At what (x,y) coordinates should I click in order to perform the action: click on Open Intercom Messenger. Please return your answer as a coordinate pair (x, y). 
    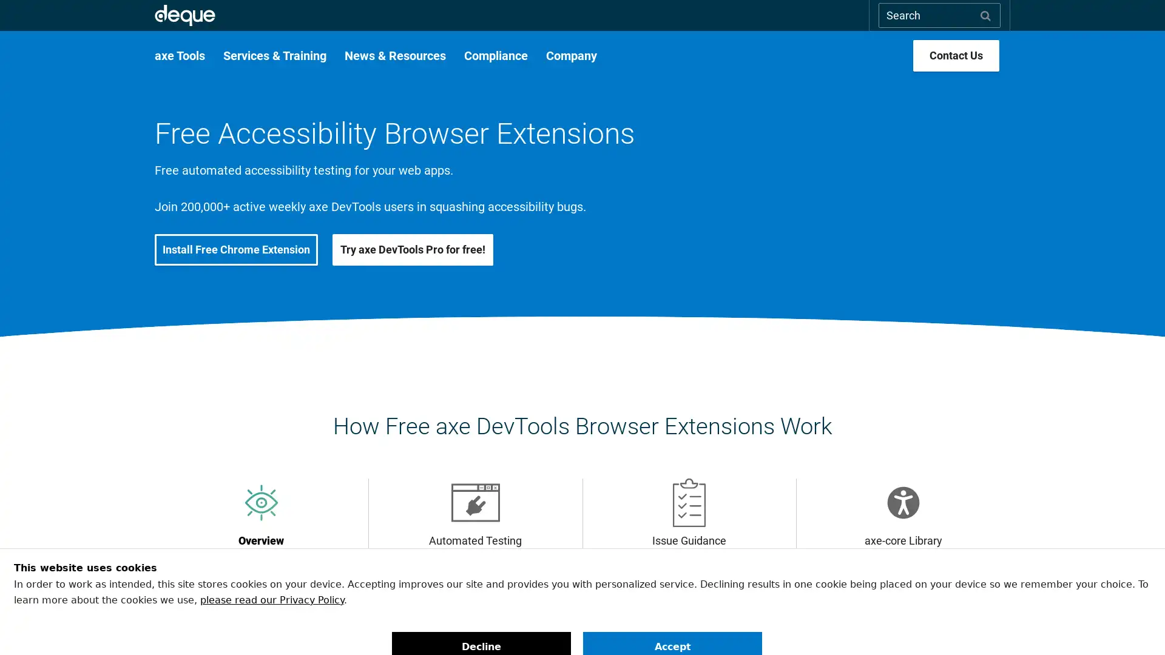
    Looking at the image, I should click on (1134, 624).